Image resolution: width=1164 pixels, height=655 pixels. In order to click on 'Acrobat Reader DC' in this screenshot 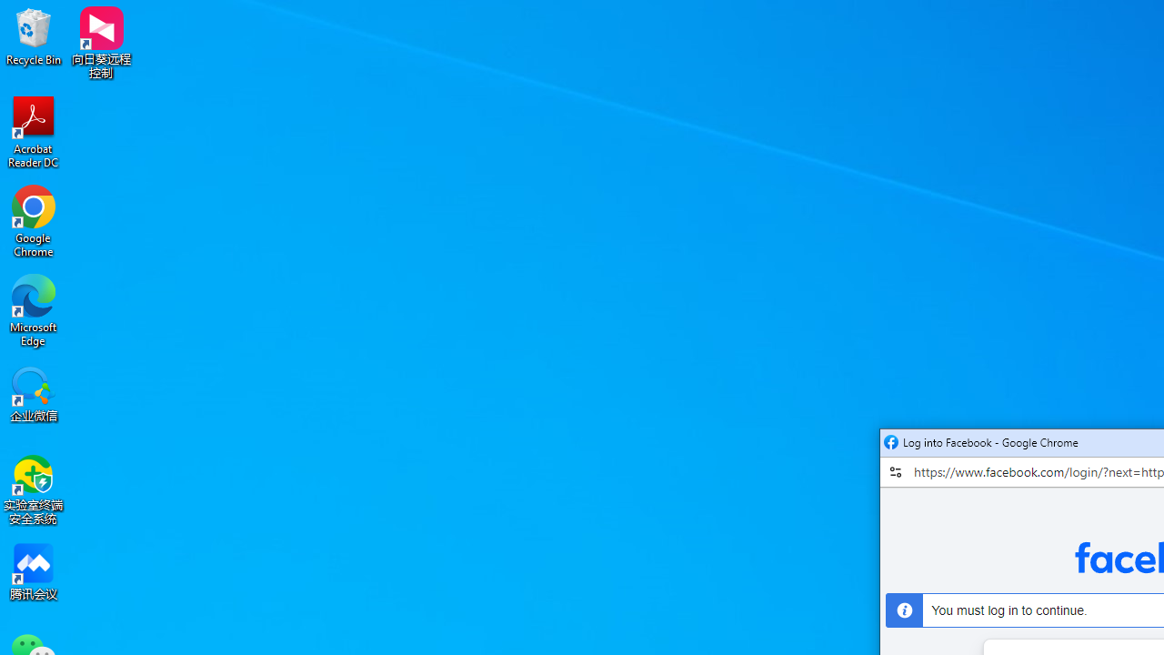, I will do `click(34, 131)`.